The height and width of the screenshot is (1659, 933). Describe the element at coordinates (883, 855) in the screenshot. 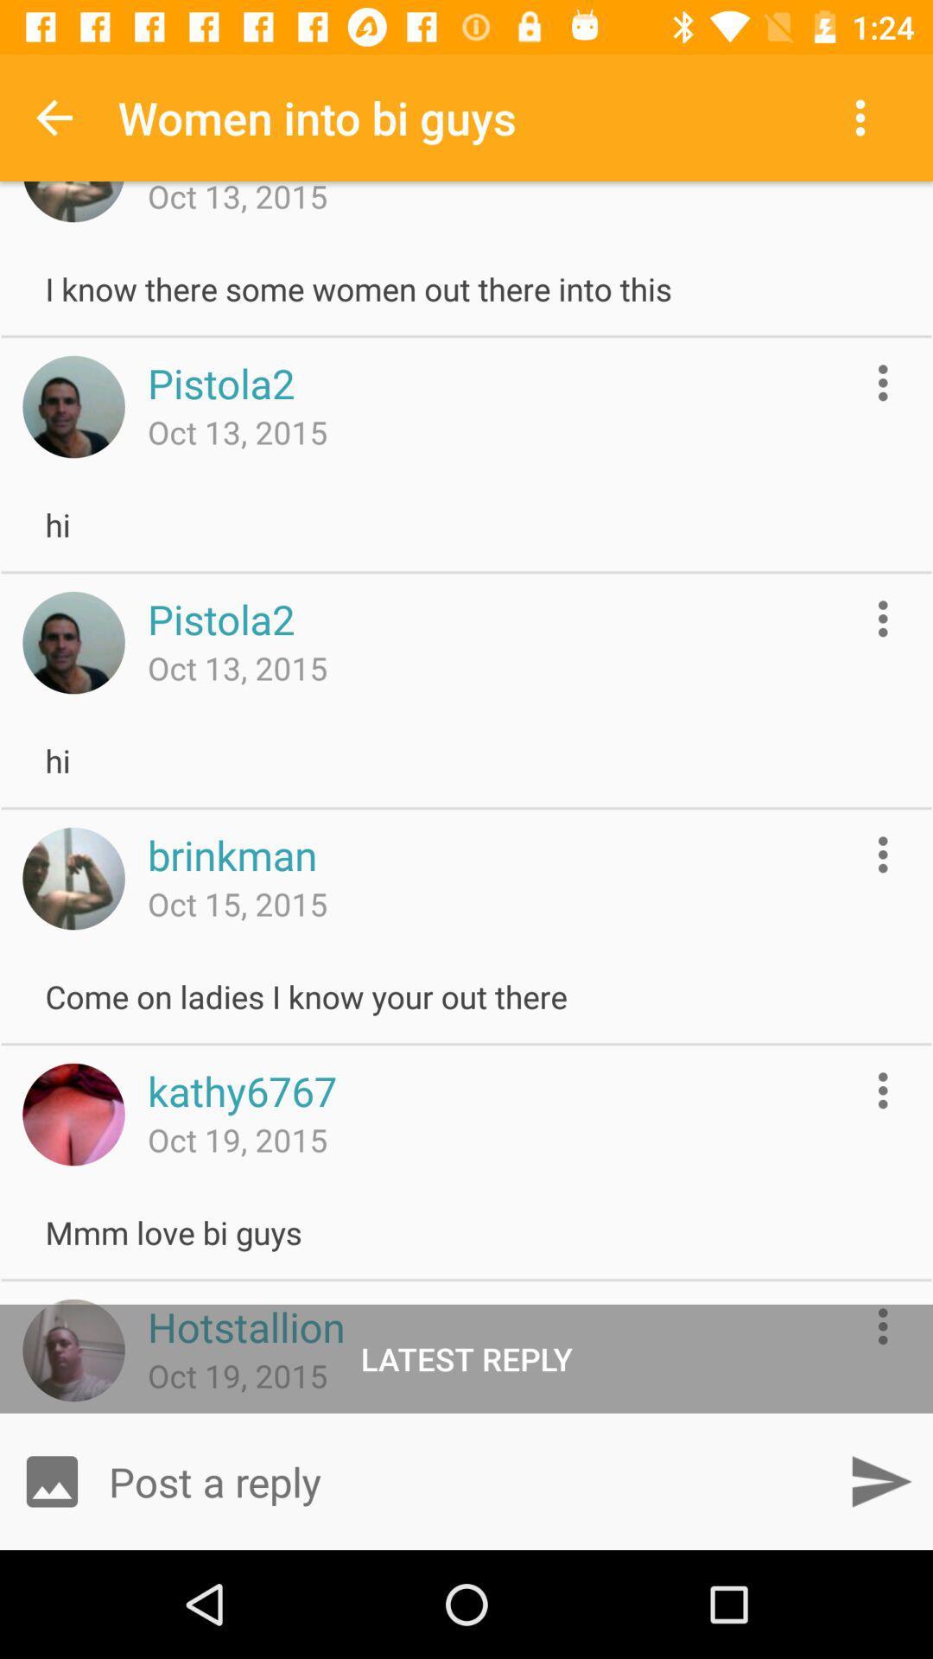

I see `more information` at that location.